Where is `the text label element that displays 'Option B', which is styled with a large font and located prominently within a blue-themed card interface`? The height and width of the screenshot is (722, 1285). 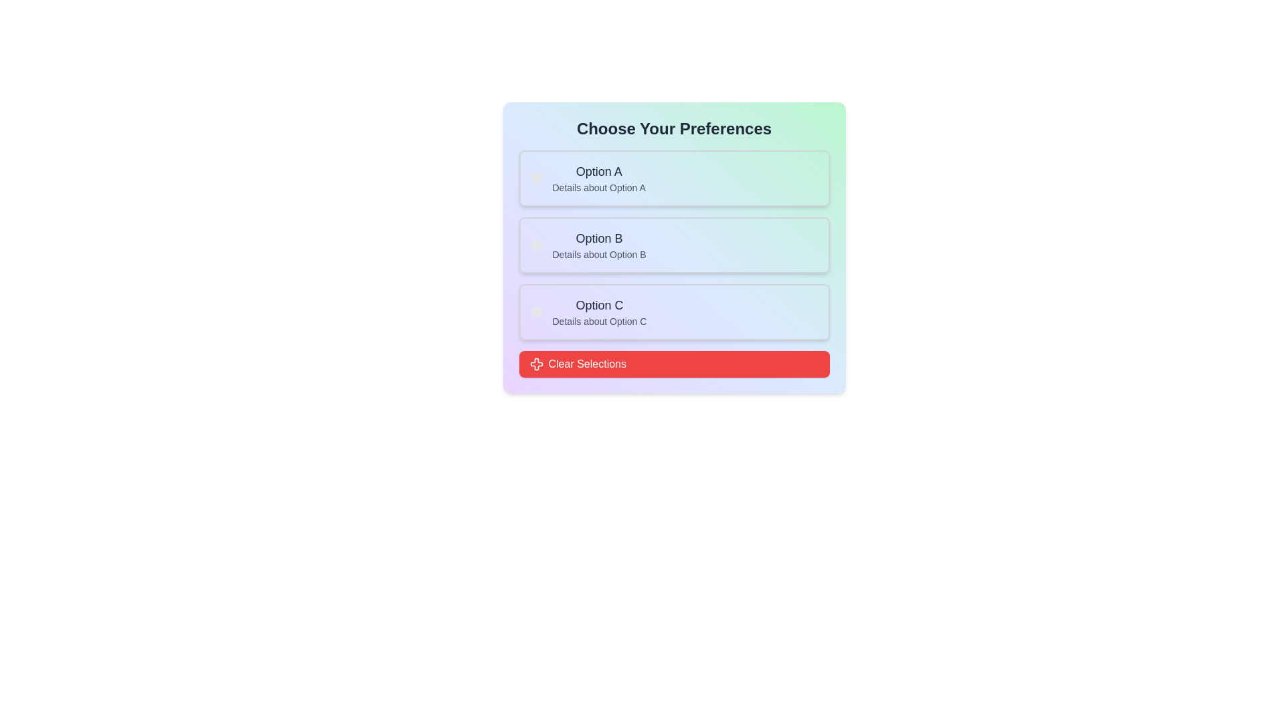 the text label element that displays 'Option B', which is styled with a large font and located prominently within a blue-themed card interface is located at coordinates (598, 238).